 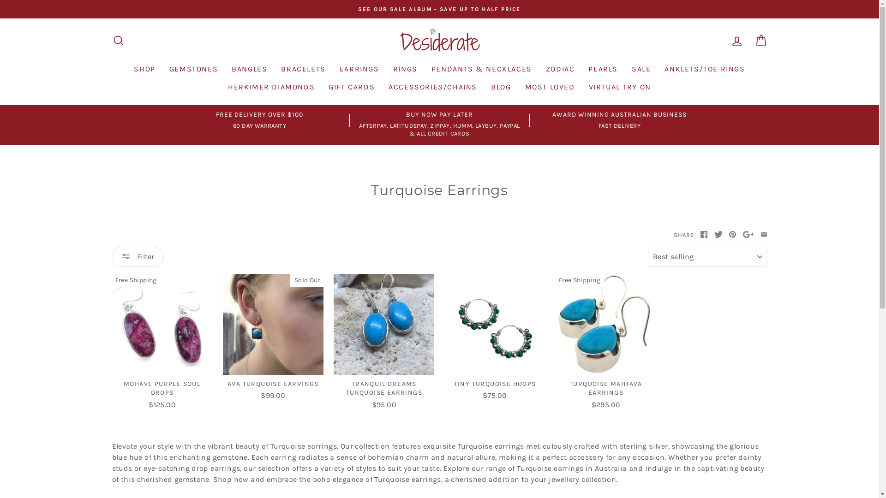 I want to click on 'ACCESSORIES/CHAINS', so click(x=432, y=87).